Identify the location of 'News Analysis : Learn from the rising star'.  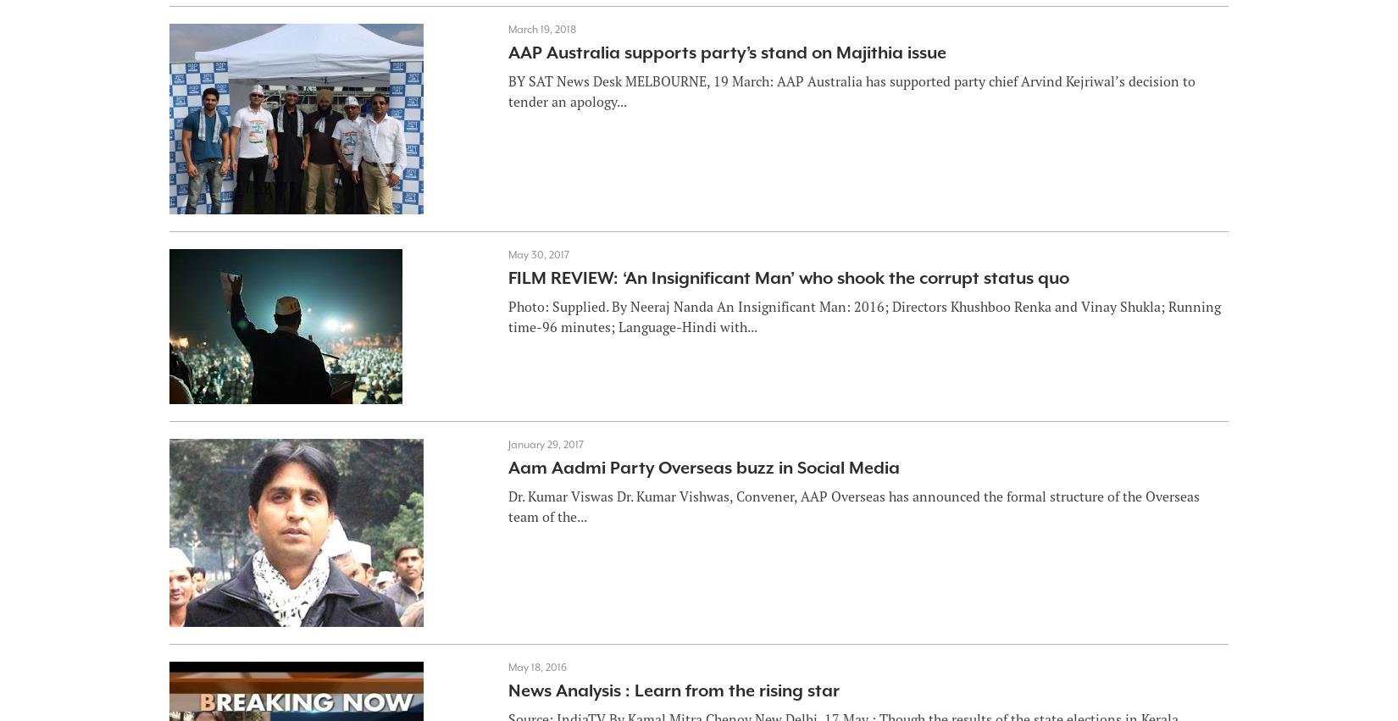
(506, 690).